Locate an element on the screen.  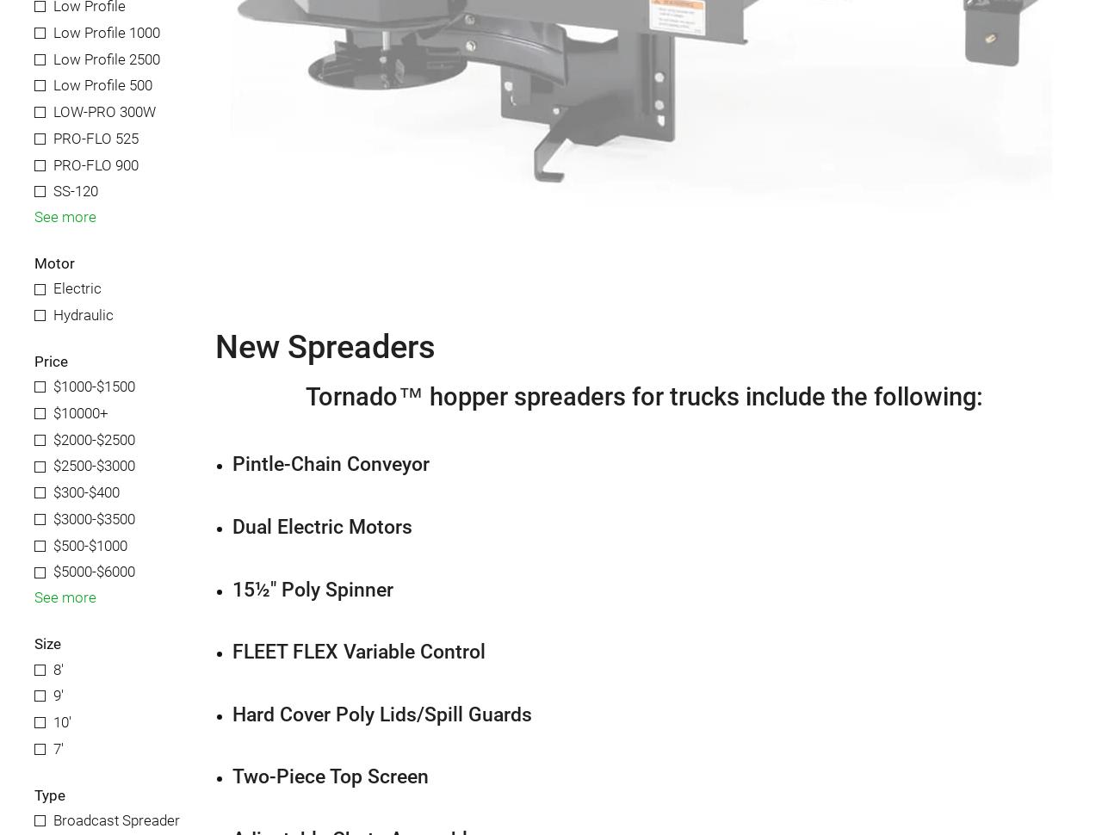
'Pintle-Chain Conveyor' is located at coordinates (331, 463).